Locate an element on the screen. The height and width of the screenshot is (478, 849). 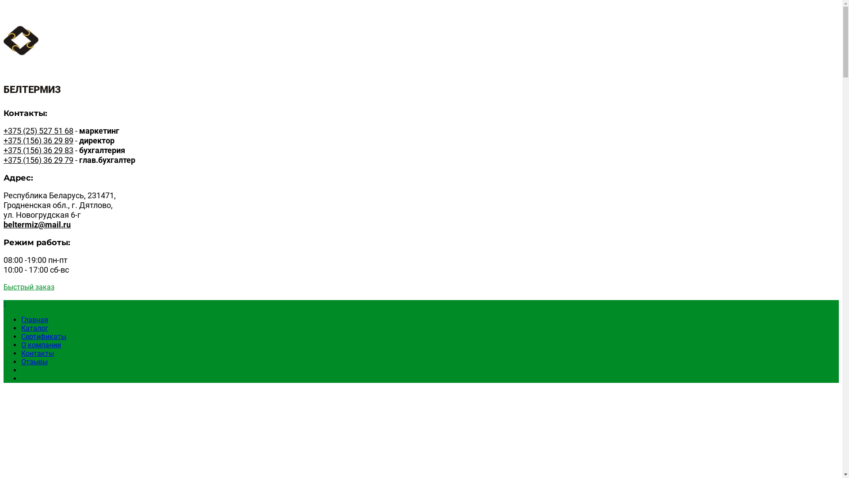
'+375 (156) 36 29 79' is located at coordinates (38, 160).